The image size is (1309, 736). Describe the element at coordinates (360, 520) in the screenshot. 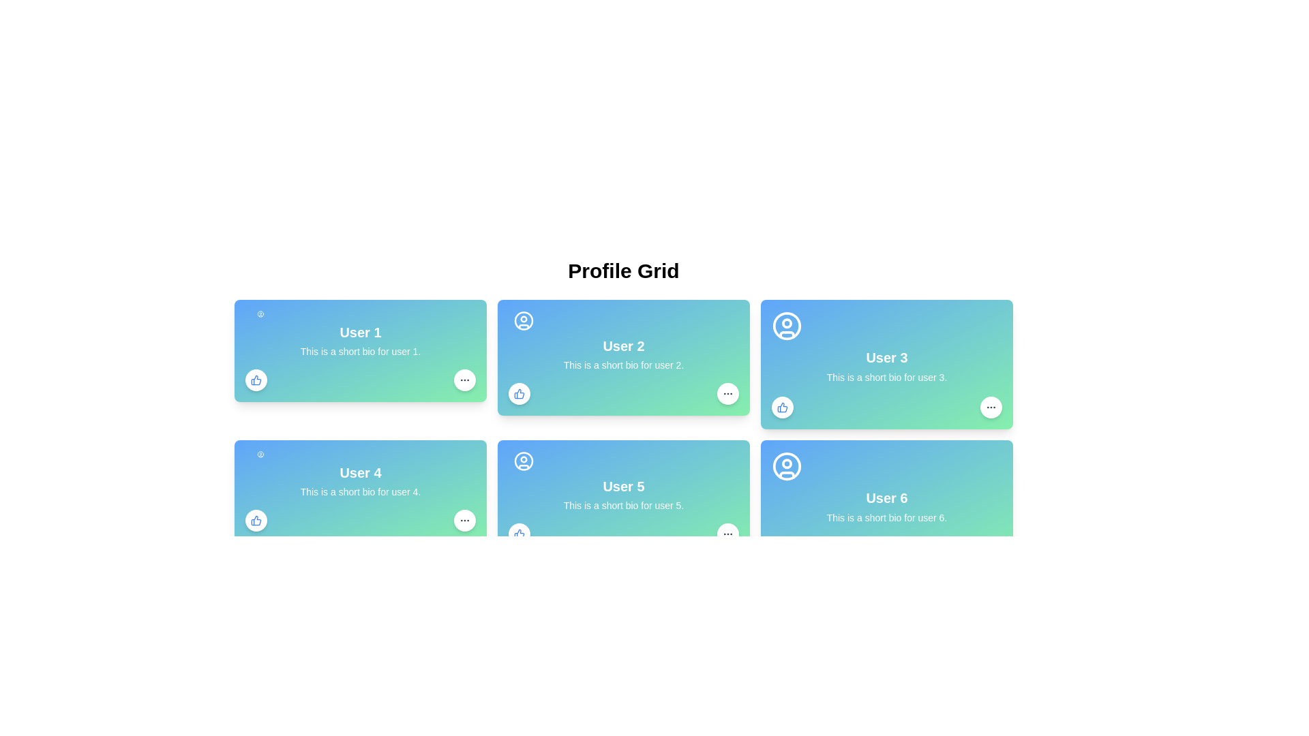

I see `the ellipsis button located on the control bar at the bottom of the 'User 4' card` at that location.